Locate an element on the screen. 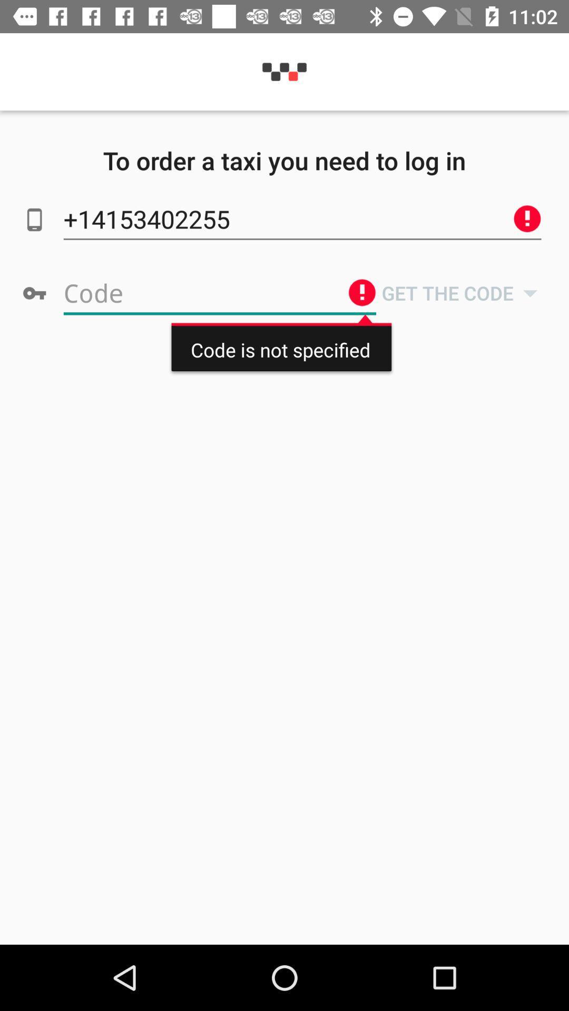 The width and height of the screenshot is (569, 1011). code is located at coordinates (219, 293).